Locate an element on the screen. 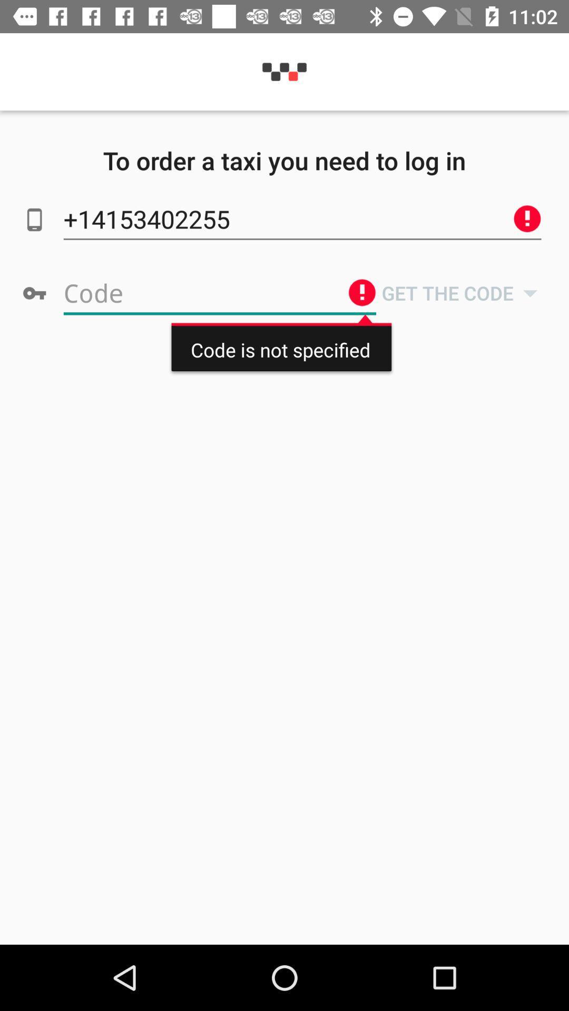 The width and height of the screenshot is (569, 1011). code is located at coordinates (219, 293).